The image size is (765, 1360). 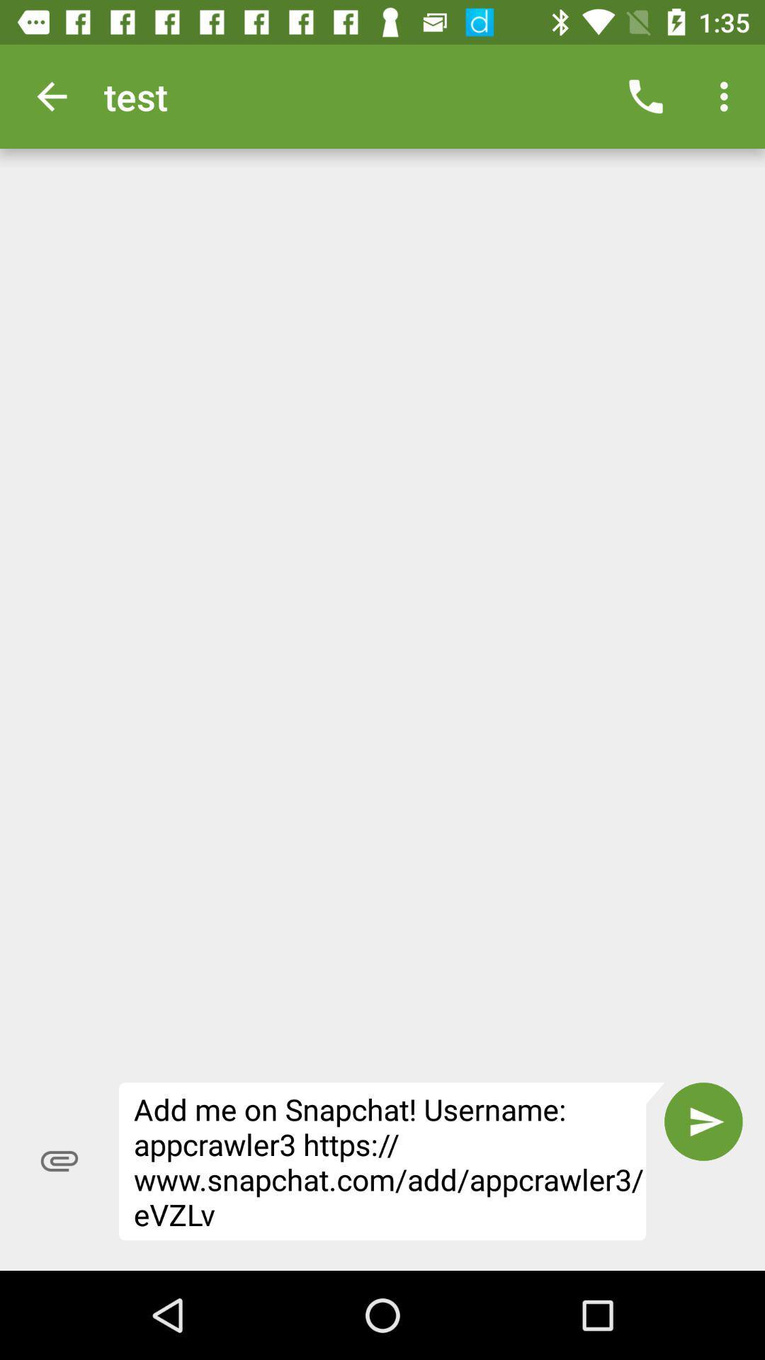 What do you see at coordinates (703, 1121) in the screenshot?
I see `item next to the add me on item` at bounding box center [703, 1121].